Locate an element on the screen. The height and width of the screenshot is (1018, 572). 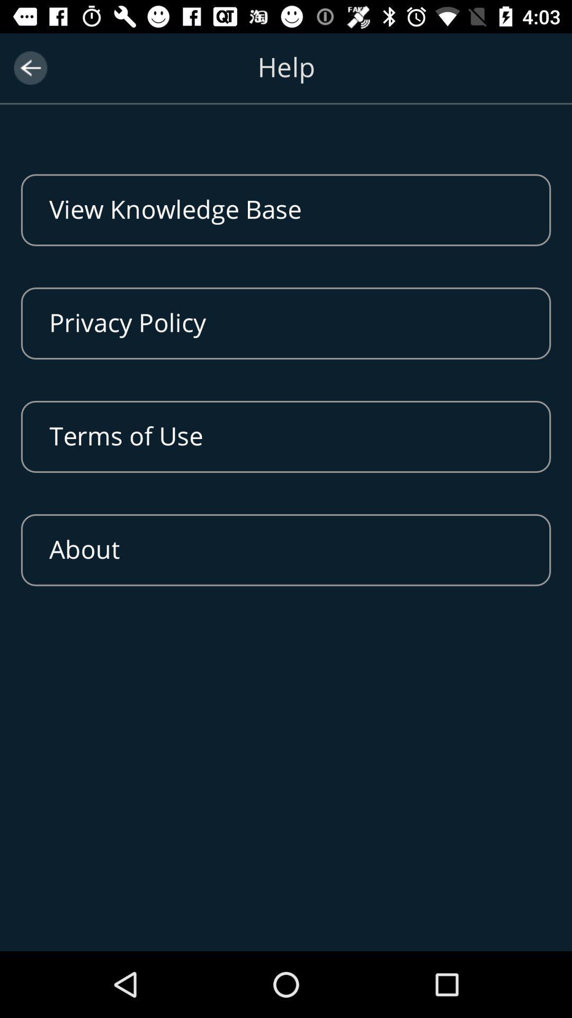
the arrow_backward icon is located at coordinates (30, 67).